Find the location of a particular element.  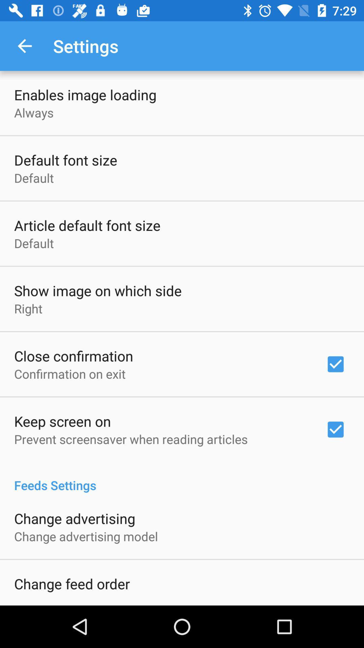

the always icon is located at coordinates (34, 112).